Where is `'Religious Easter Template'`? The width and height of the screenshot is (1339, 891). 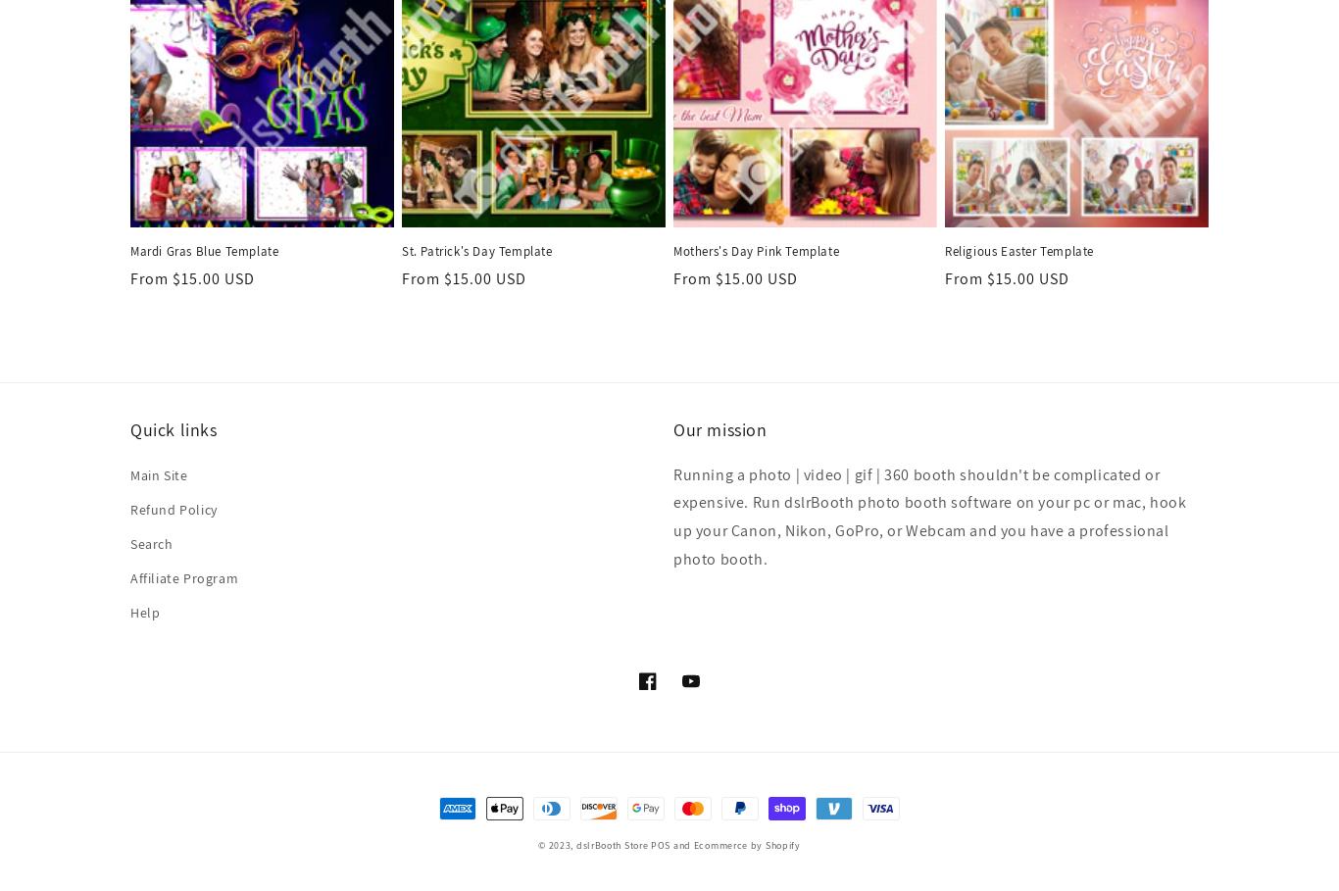
'Religious Easter Template' is located at coordinates (1017, 251).